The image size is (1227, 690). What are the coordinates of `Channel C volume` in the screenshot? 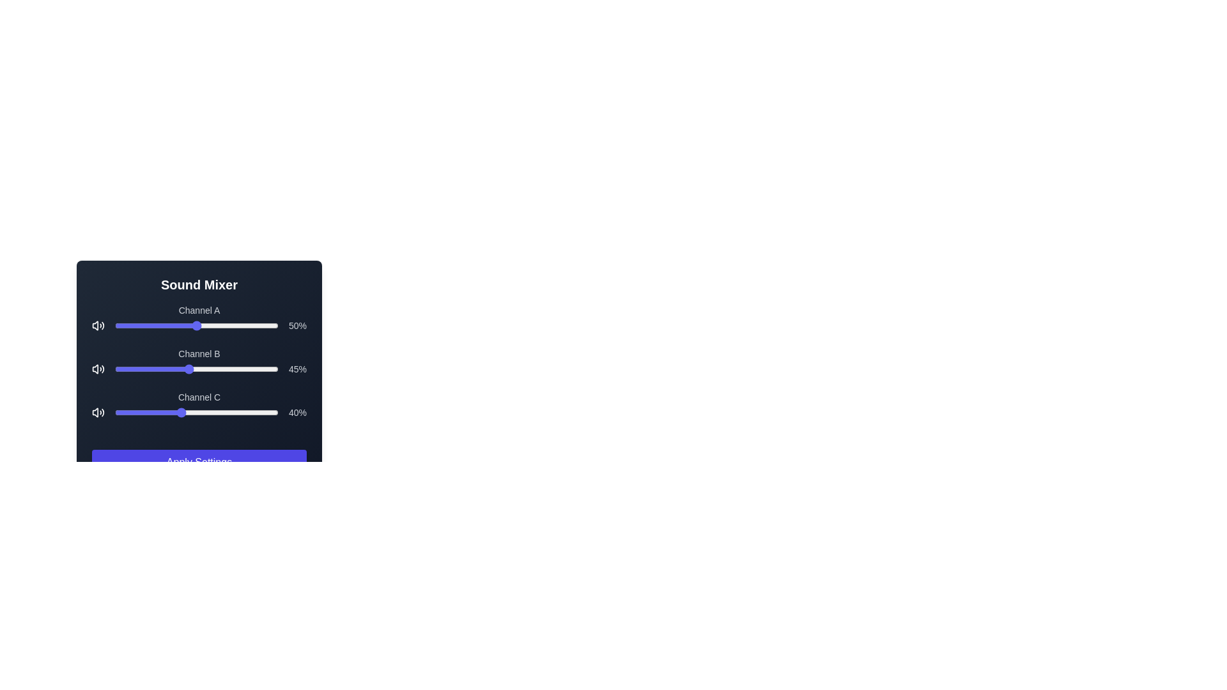 It's located at (268, 412).